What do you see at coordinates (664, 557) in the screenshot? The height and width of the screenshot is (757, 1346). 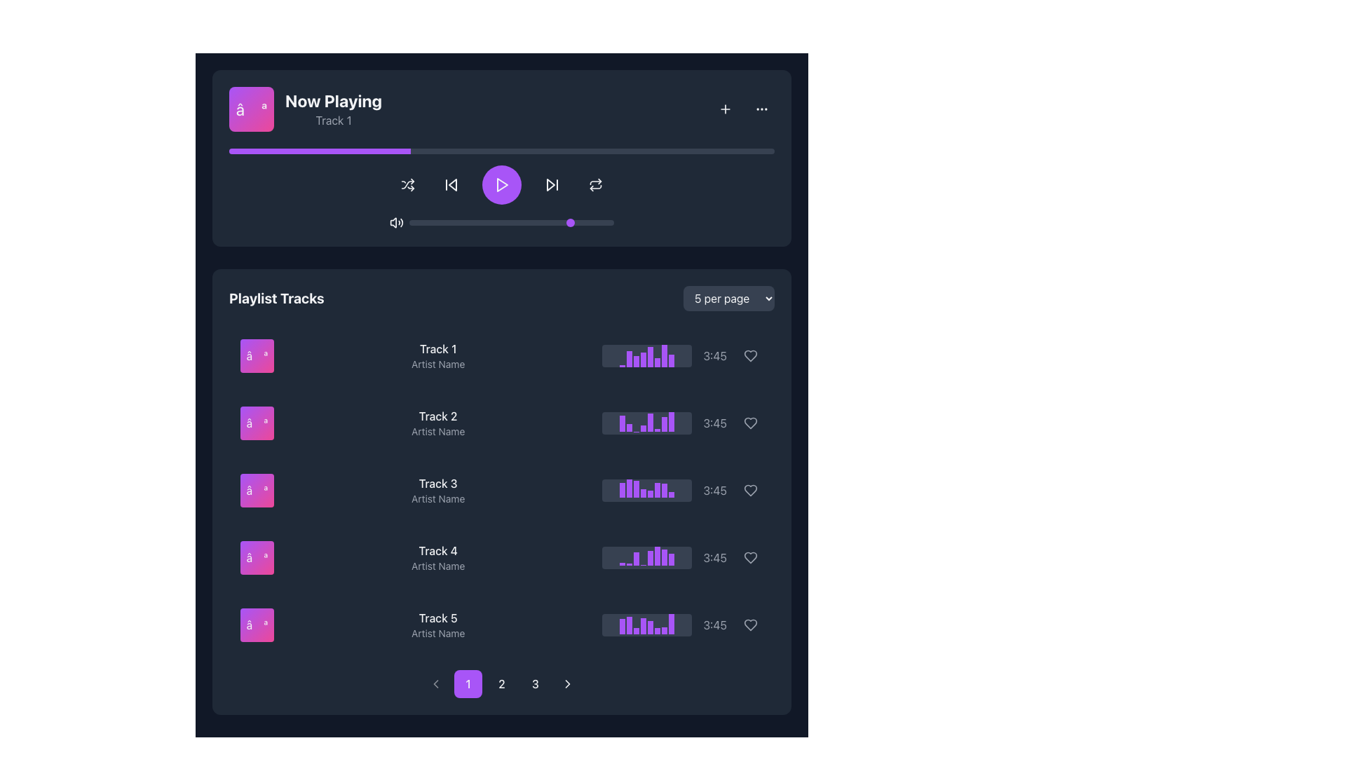 I see `the visual representation of the seventh bar in the mini-bar chart located to the right of the 'Track 4' row in the 'Playlist Tracks' section` at bounding box center [664, 557].